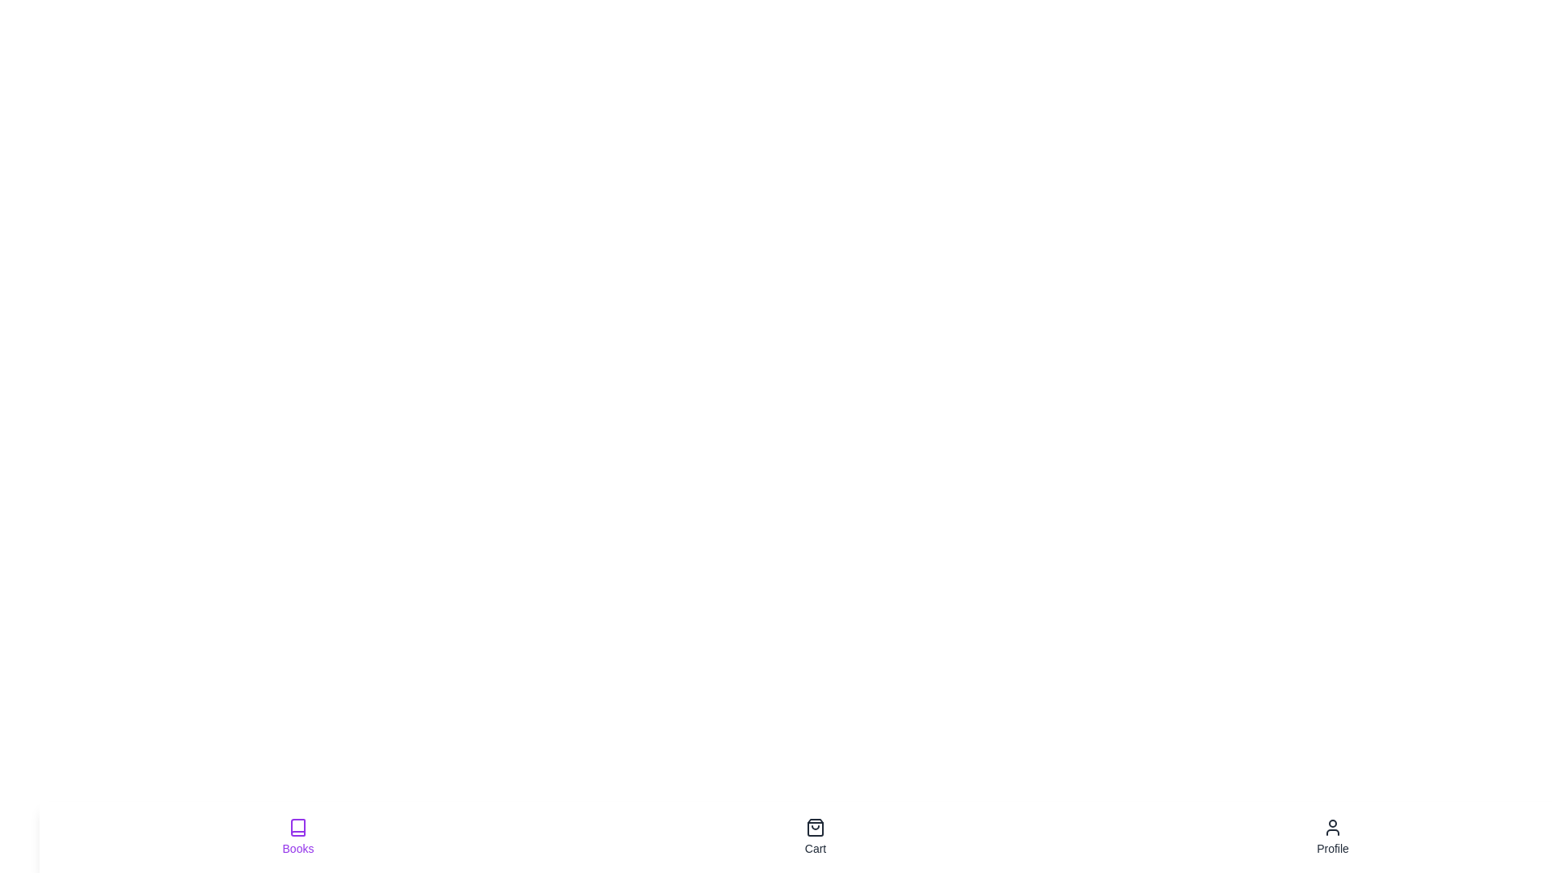 This screenshot has width=1552, height=873. Describe the element at coordinates (815, 837) in the screenshot. I see `the tab labeled Cart to observe the hover effect` at that location.